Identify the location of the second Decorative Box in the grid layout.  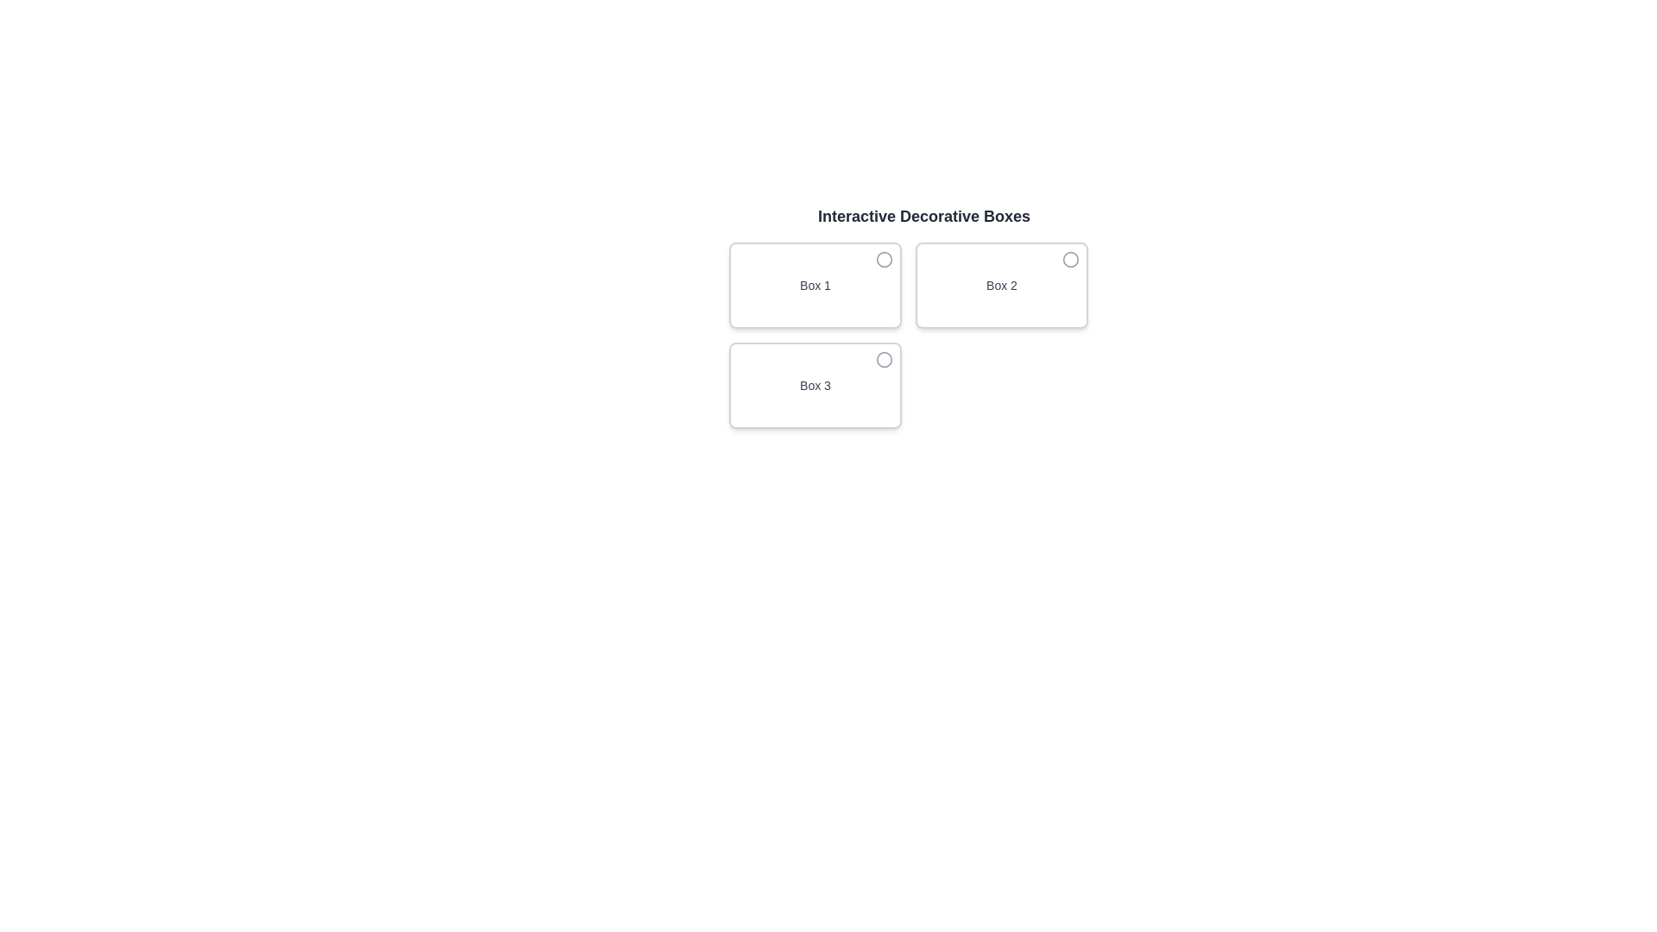
(1002, 285).